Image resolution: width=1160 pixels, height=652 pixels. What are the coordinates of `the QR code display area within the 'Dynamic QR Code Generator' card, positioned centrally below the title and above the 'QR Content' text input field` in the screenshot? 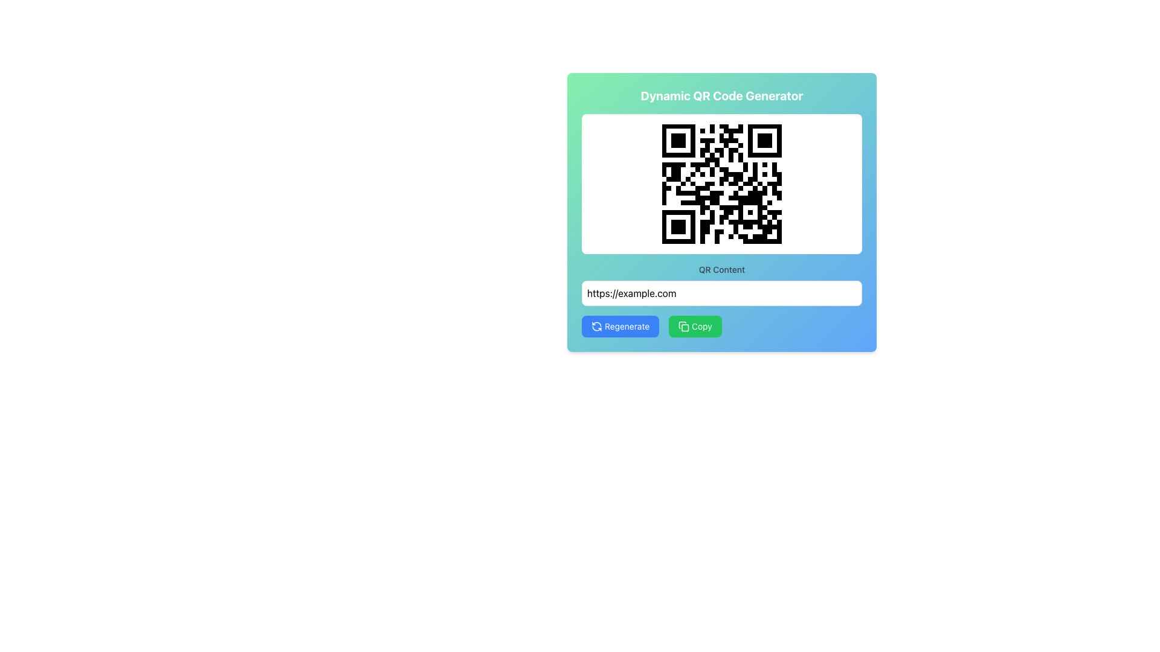 It's located at (722, 184).